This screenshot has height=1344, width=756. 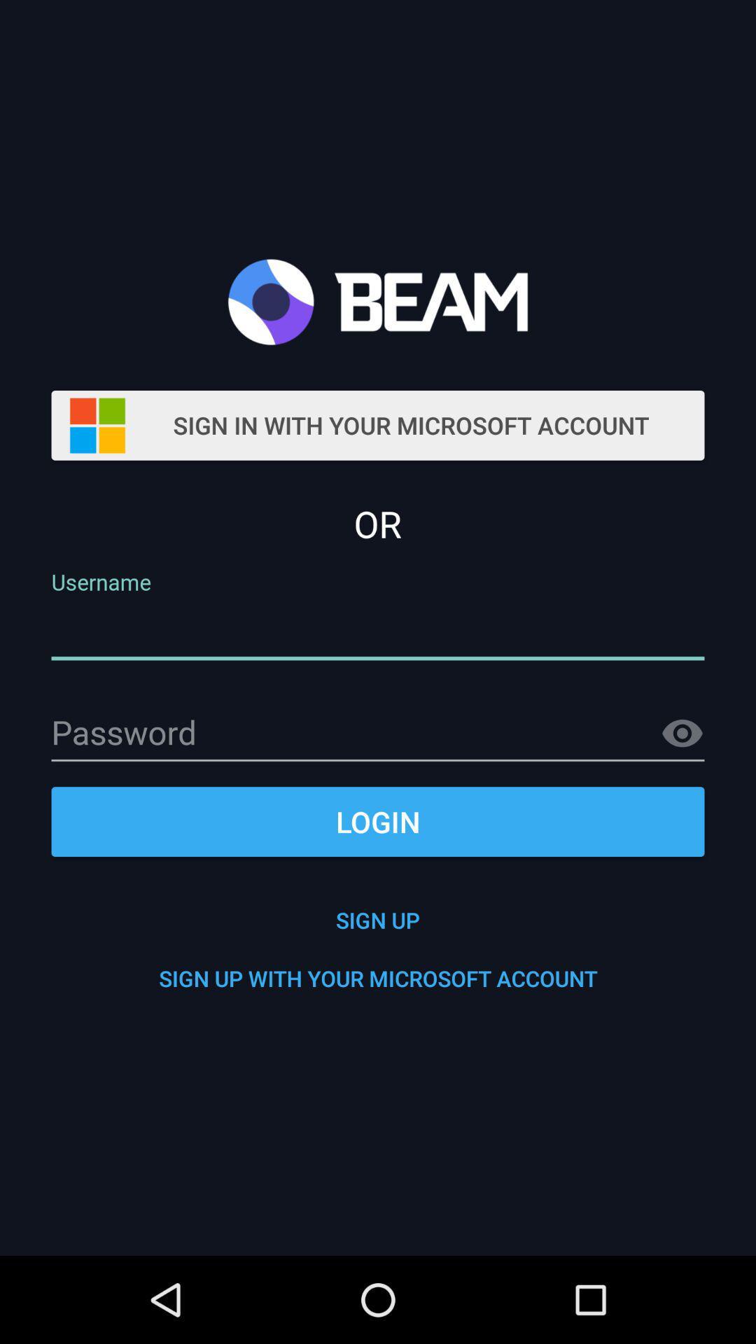 What do you see at coordinates (378, 822) in the screenshot?
I see `the item above sign up item` at bounding box center [378, 822].